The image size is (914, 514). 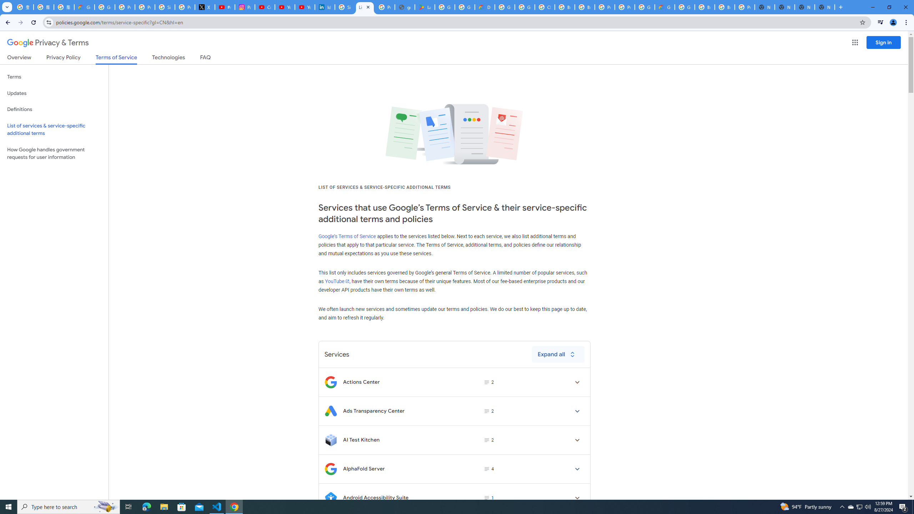 I want to click on 'How Google handles government requests for user information', so click(x=54, y=153).